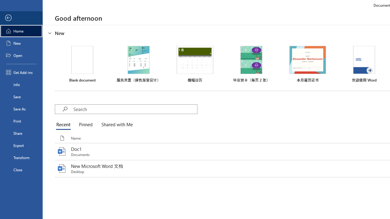  I want to click on 'Print', so click(21, 121).